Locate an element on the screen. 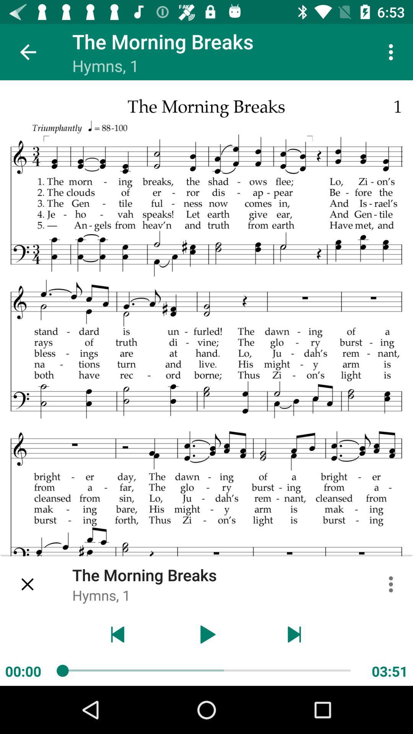  pressing this button moves me to the last page of the piece is located at coordinates (294, 634).